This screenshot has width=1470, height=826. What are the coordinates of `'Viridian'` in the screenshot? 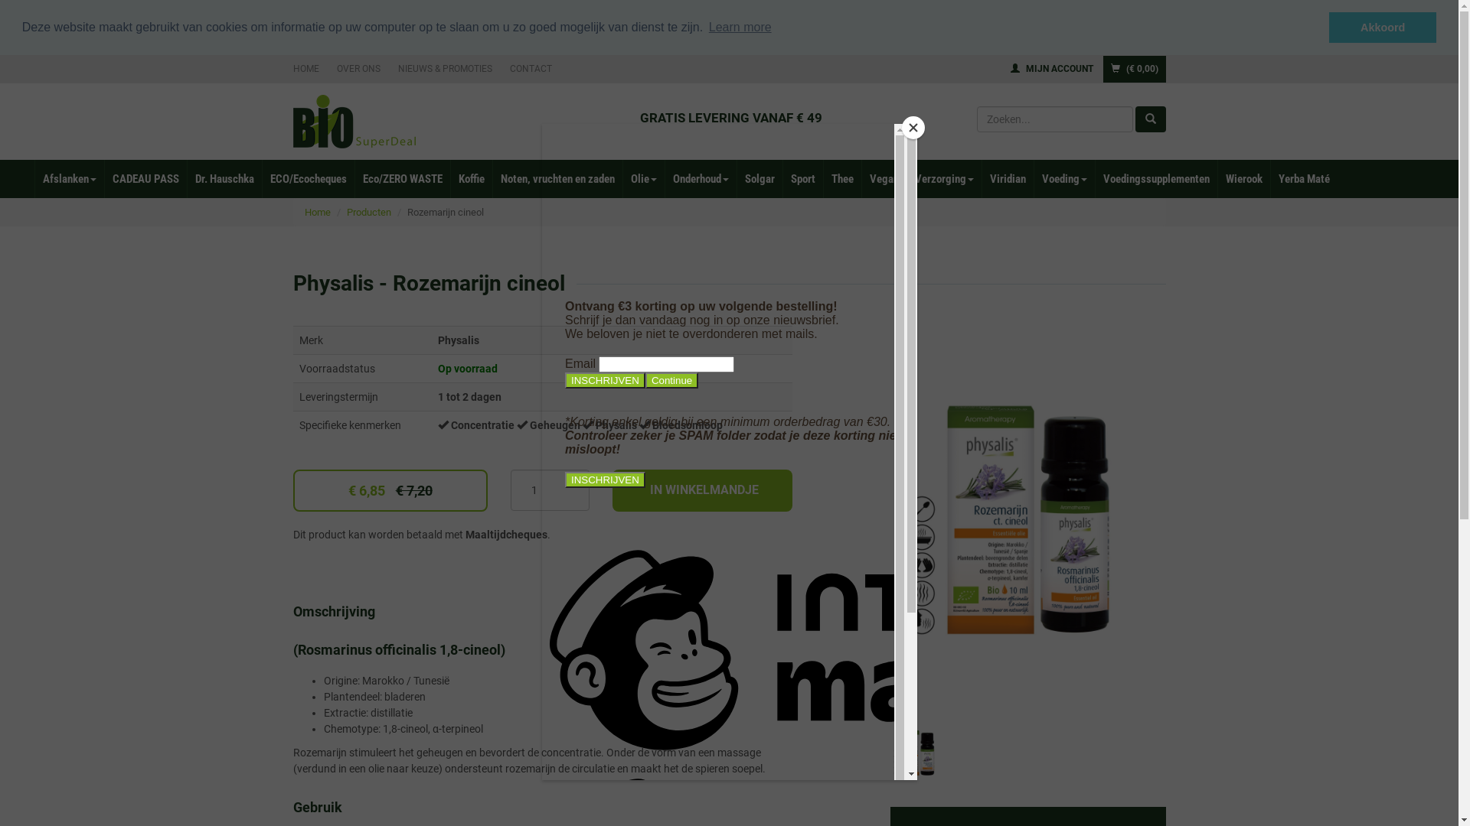 It's located at (1007, 177).